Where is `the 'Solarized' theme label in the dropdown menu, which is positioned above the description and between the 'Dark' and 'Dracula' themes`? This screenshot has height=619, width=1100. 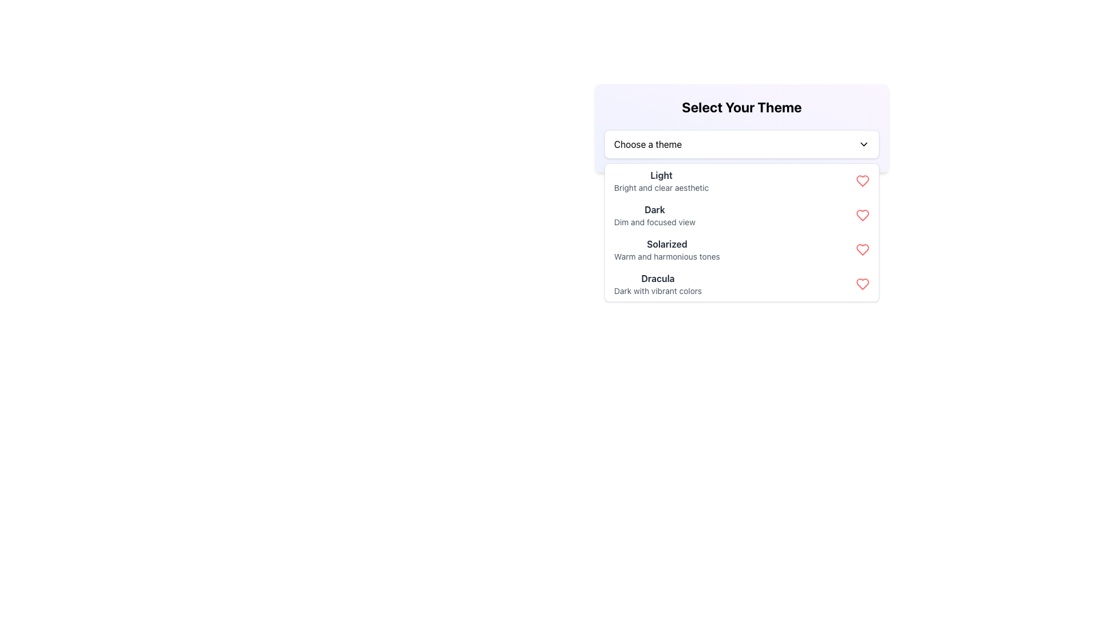
the 'Solarized' theme label in the dropdown menu, which is positioned above the description and between the 'Dark' and 'Dracula' themes is located at coordinates (667, 243).